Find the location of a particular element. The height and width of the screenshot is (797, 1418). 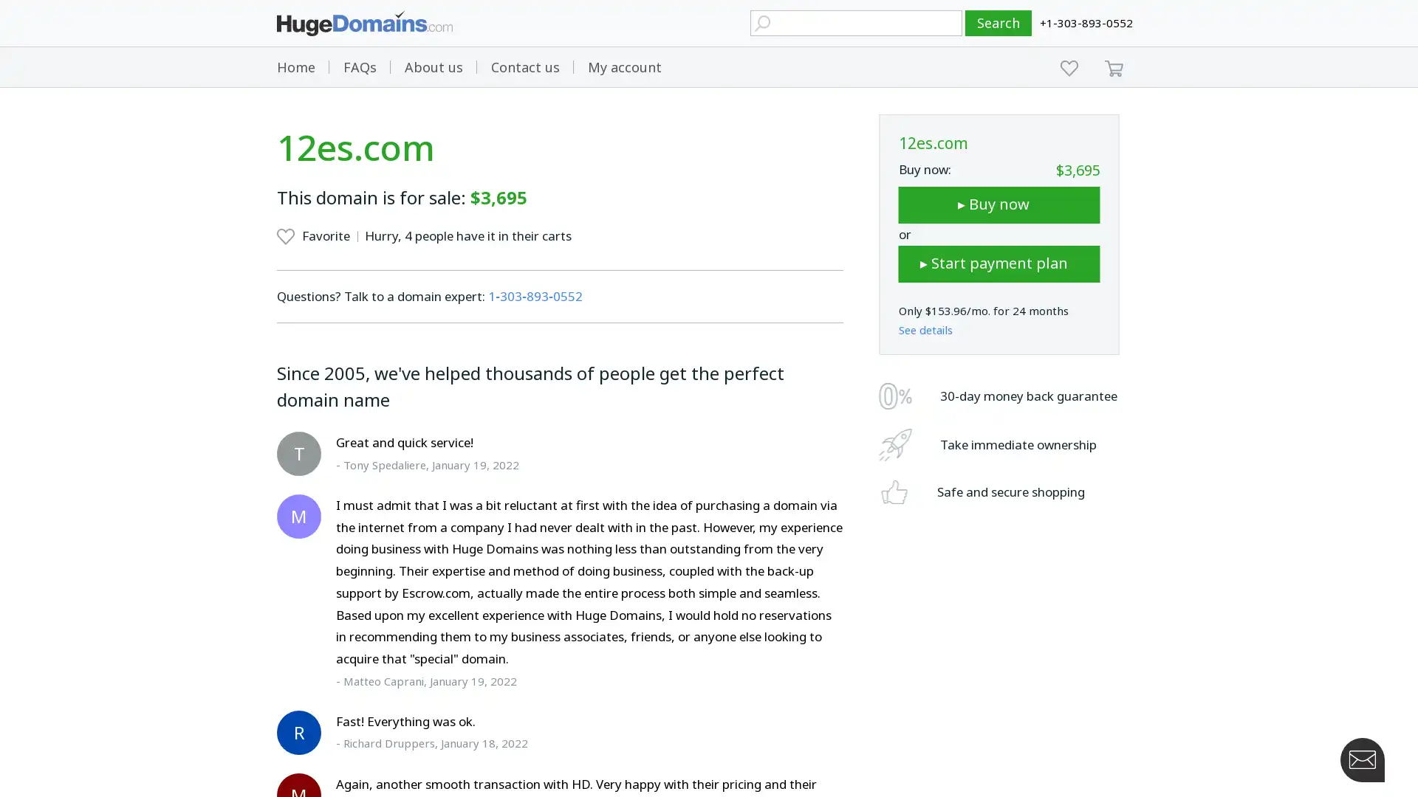

Search is located at coordinates (999, 23).